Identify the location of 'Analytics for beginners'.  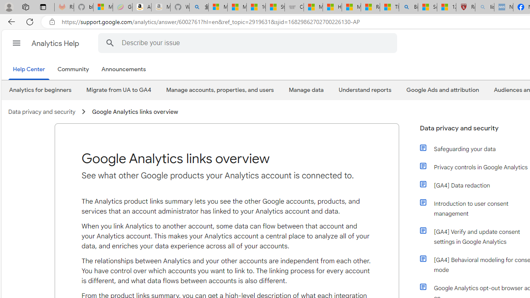
(40, 90).